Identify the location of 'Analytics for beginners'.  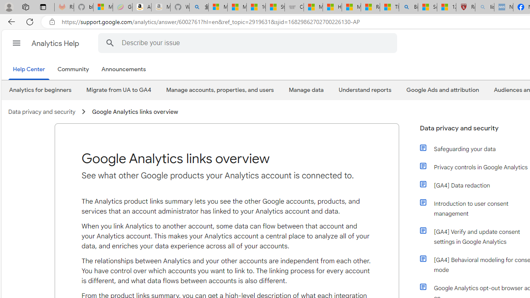
(40, 90).